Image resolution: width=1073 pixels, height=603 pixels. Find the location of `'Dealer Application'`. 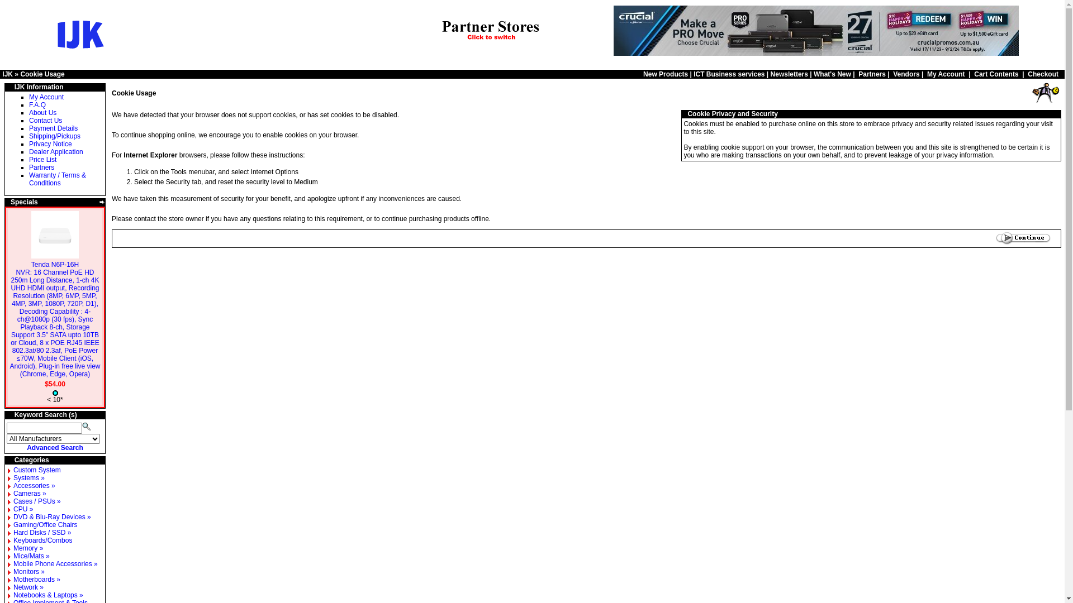

'Dealer Application' is located at coordinates (29, 152).